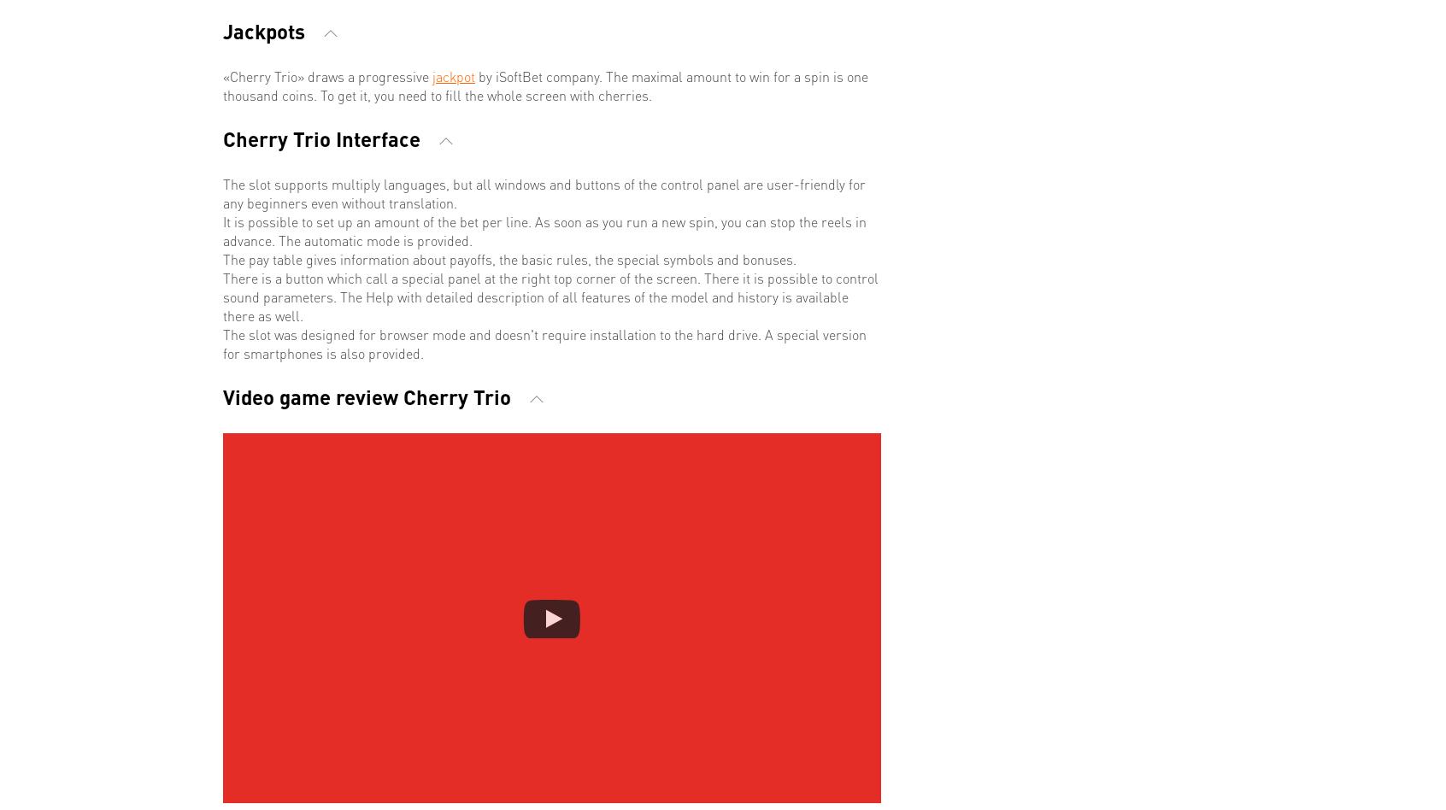 This screenshot has width=1446, height=810. I want to click on 'The slot was designed for browser mode and doesn't require installation to the hard drive. A special version for smartphones is also provided.', so click(544, 342).